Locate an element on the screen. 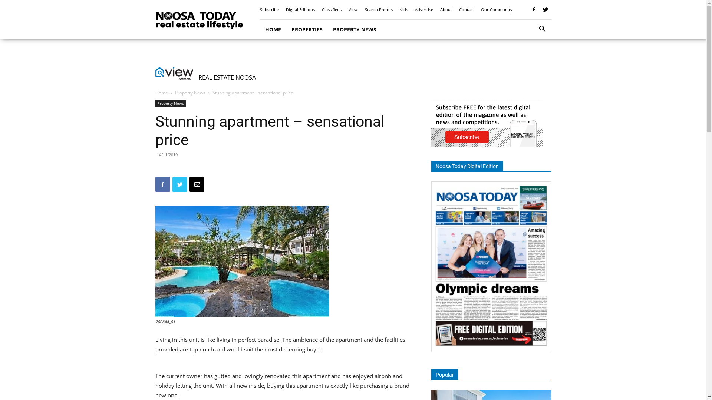 The image size is (712, 400). 'Home' is located at coordinates (161, 92).